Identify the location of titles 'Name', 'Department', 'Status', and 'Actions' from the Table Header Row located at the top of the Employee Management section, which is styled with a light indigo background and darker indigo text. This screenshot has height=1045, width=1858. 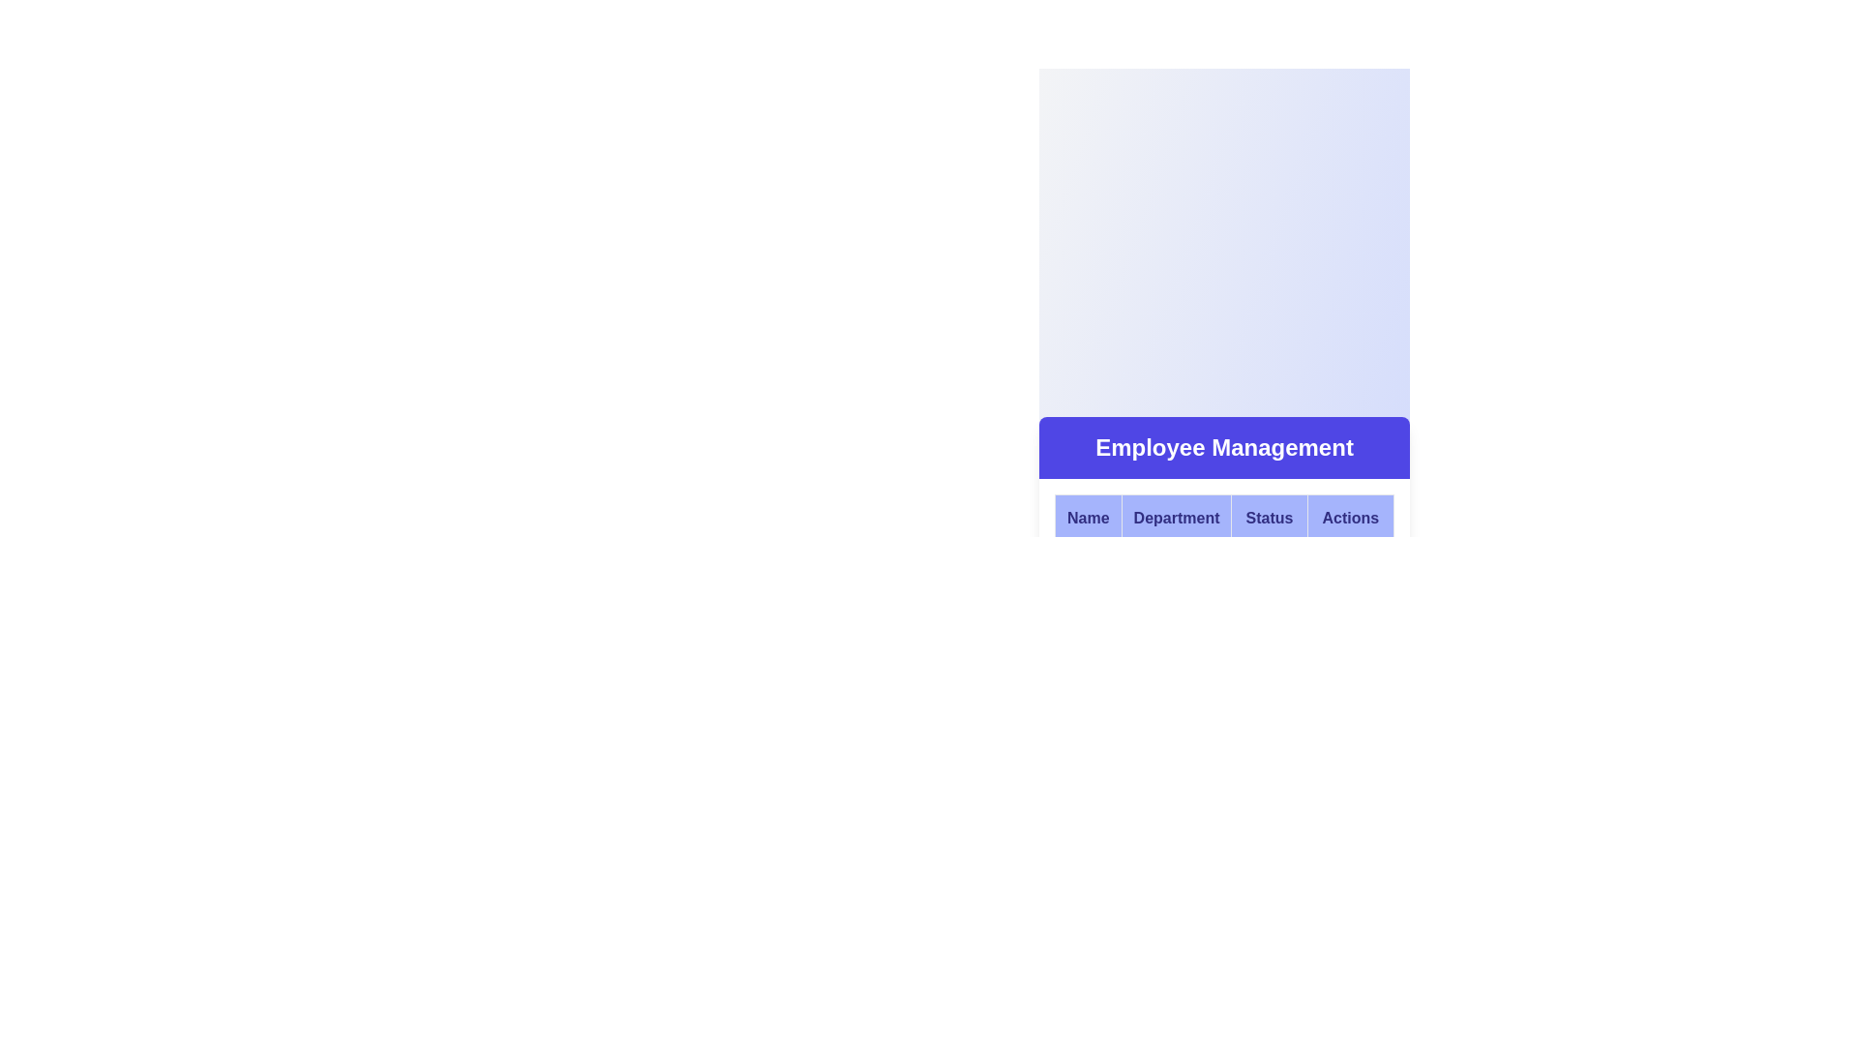
(1223, 517).